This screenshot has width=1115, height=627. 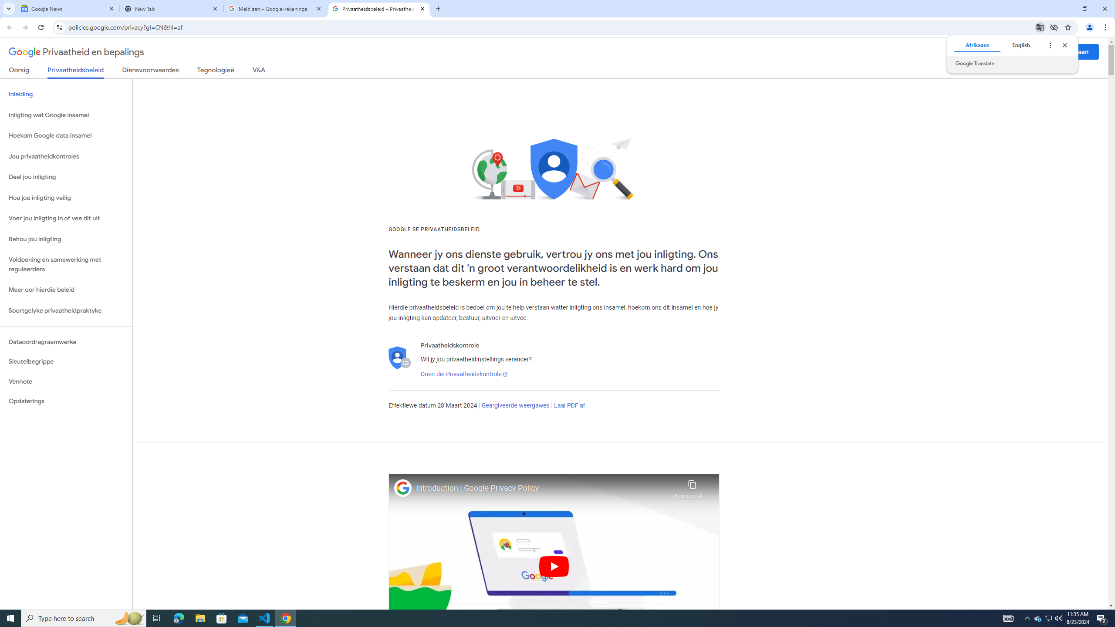 What do you see at coordinates (66, 94) in the screenshot?
I see `'Inleiding'` at bounding box center [66, 94].